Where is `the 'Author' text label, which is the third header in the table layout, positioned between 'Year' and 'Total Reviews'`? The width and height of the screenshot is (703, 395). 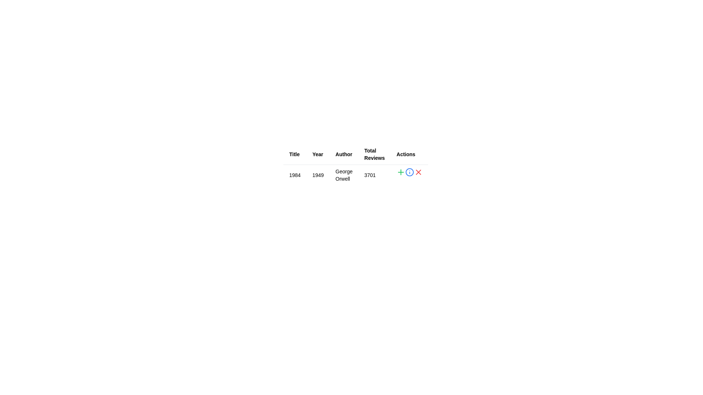 the 'Author' text label, which is the third header in the table layout, positioned between 'Year' and 'Total Reviews' is located at coordinates (343, 154).